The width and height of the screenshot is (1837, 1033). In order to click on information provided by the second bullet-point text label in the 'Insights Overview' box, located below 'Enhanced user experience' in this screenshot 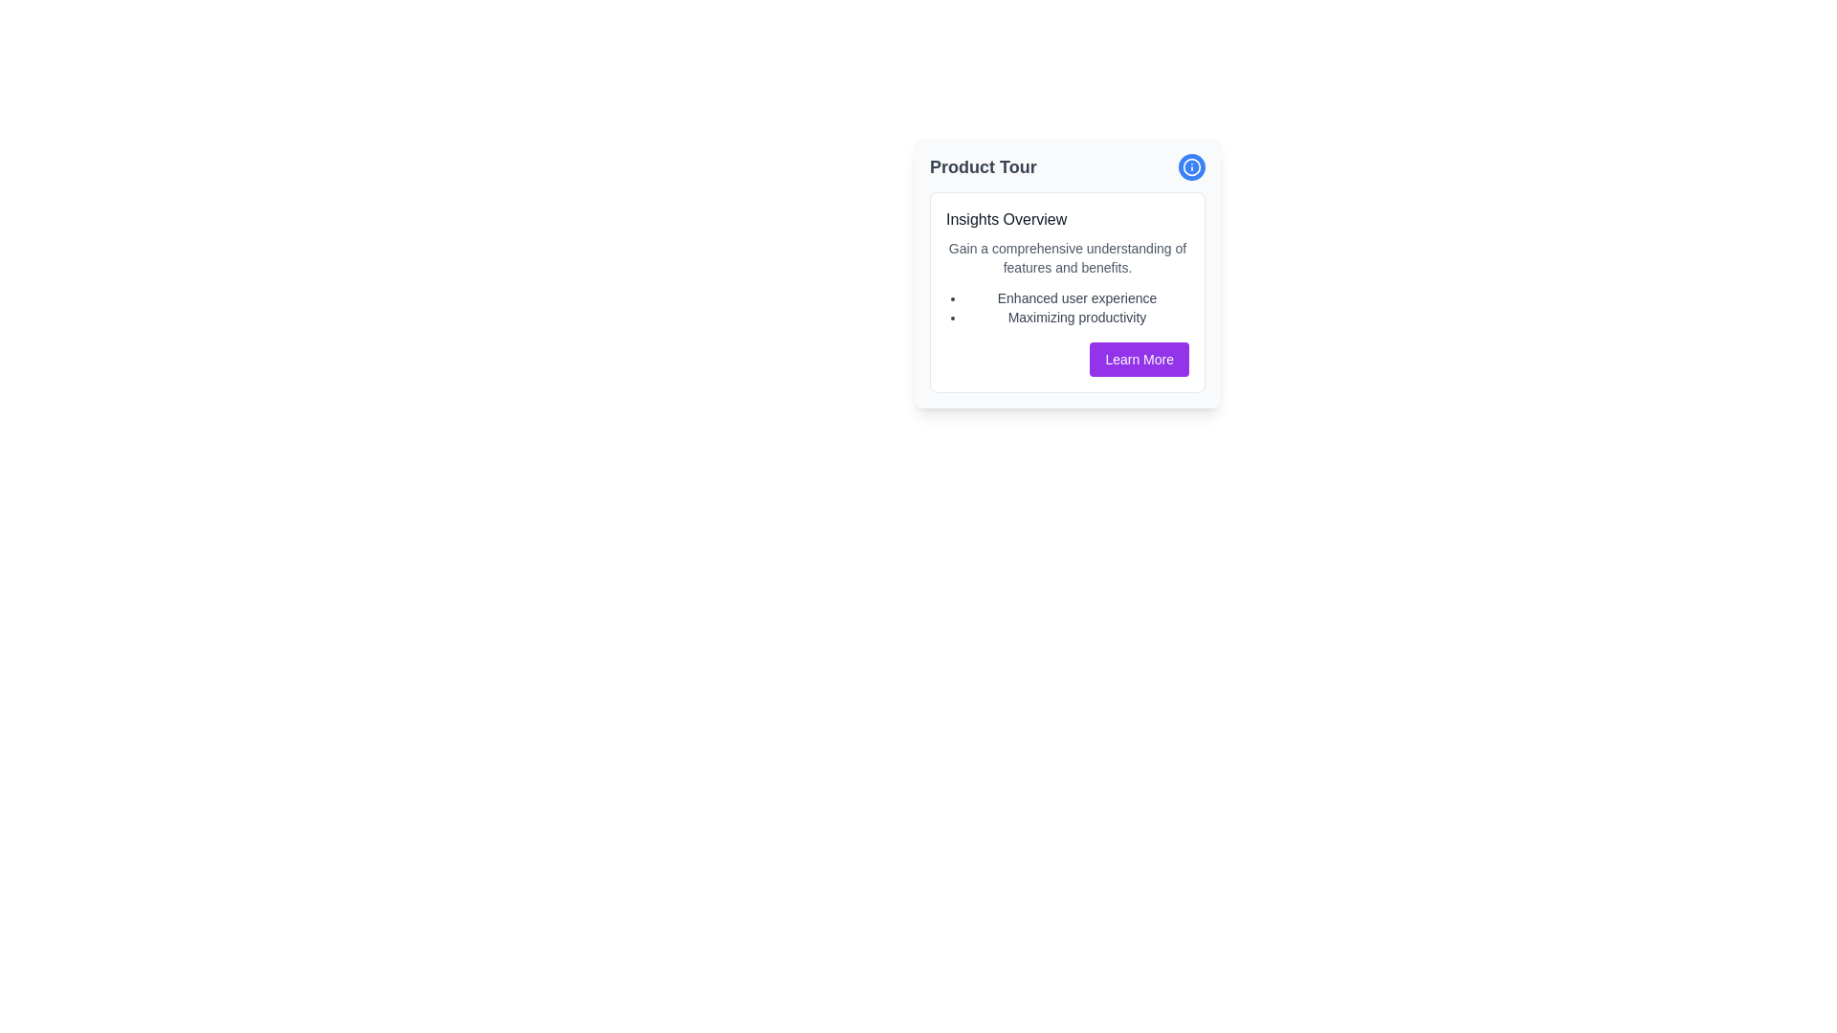, I will do `click(1077, 316)`.